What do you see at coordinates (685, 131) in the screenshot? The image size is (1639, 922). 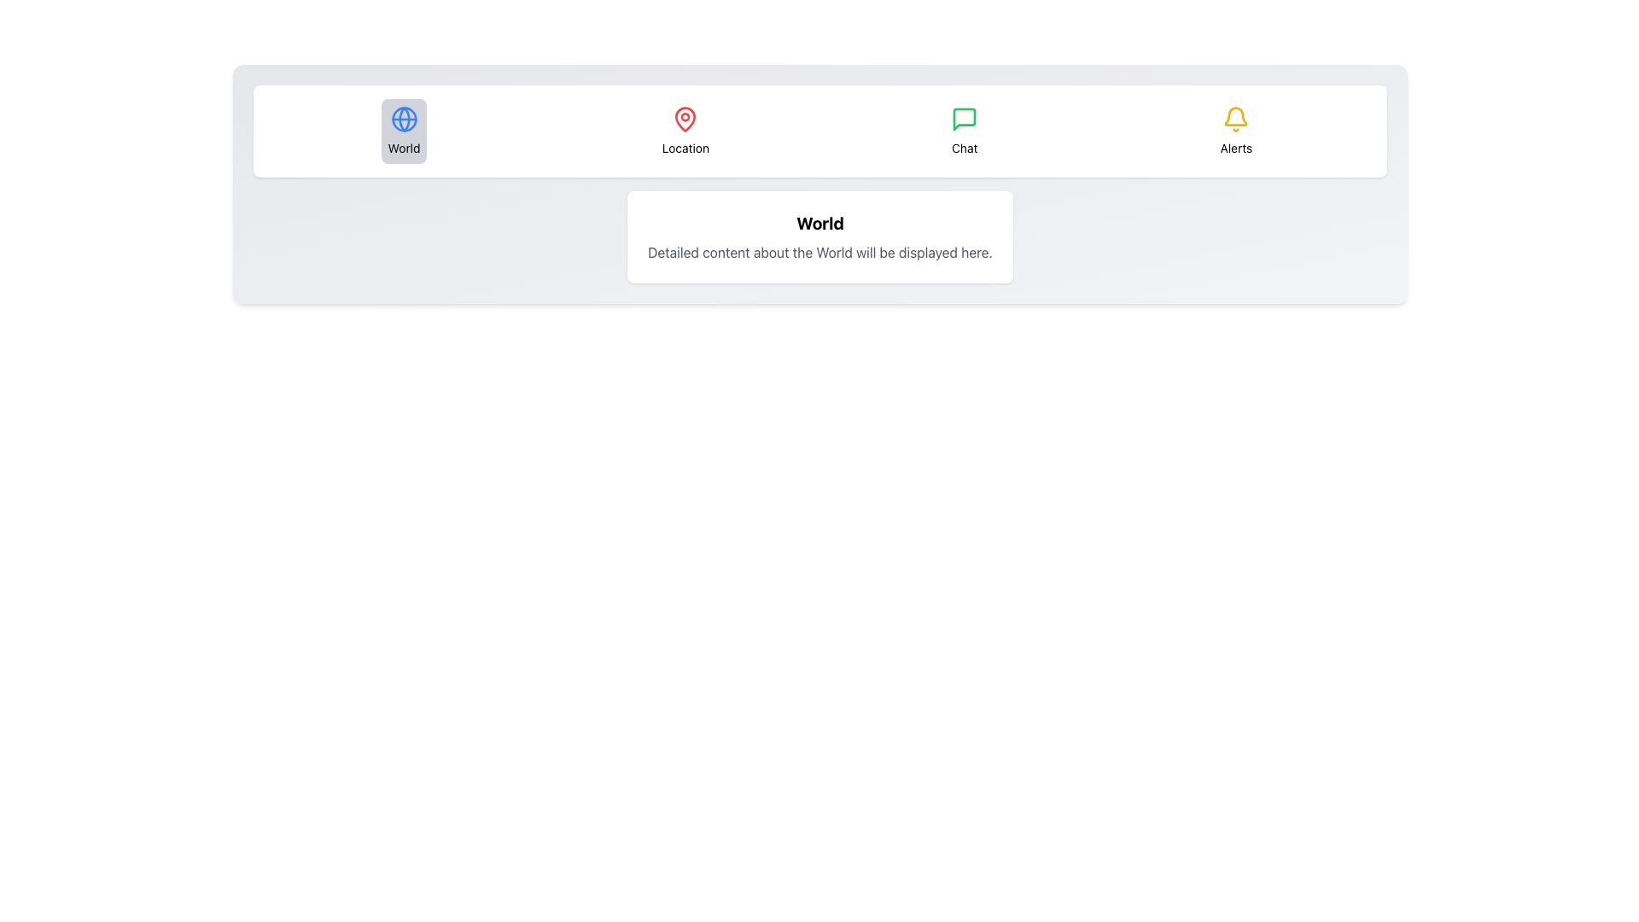 I see `the button with a red map pin icon above the text 'Location'` at bounding box center [685, 131].